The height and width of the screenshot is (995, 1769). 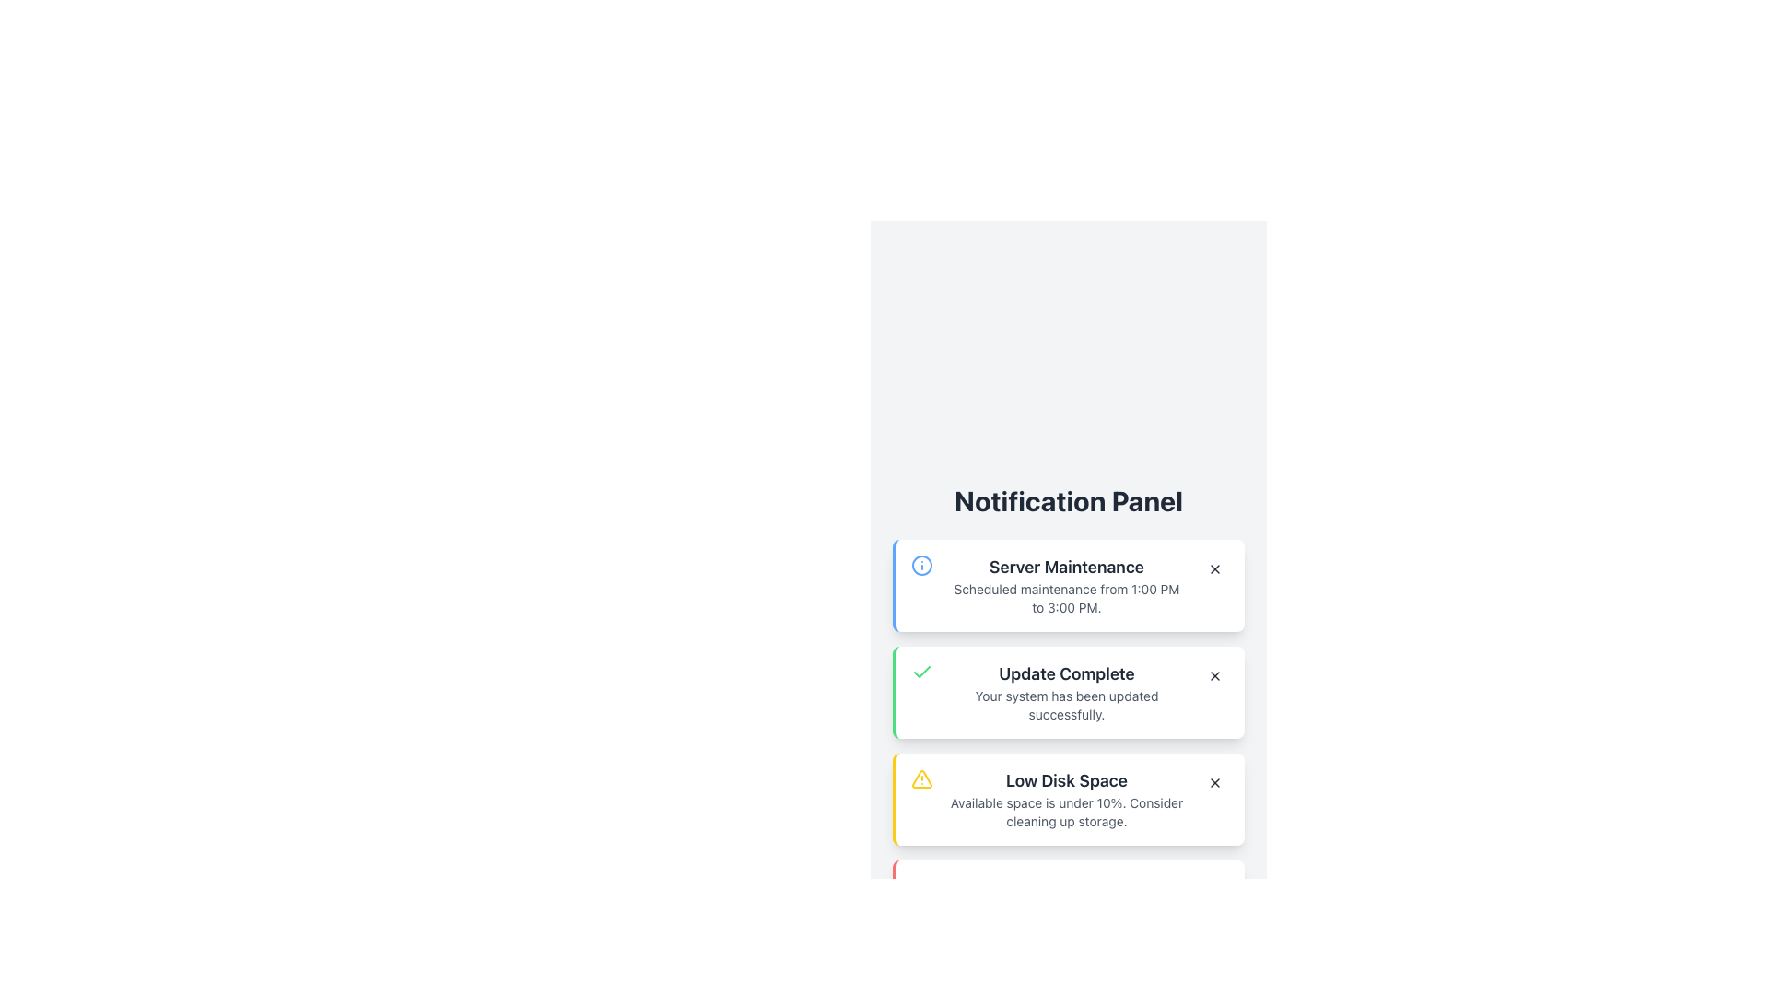 I want to click on the appearance of the status icon indicating successful completion of an operation, located in the 'Update Complete' notification block on the Notification Panel, so click(x=922, y=672).